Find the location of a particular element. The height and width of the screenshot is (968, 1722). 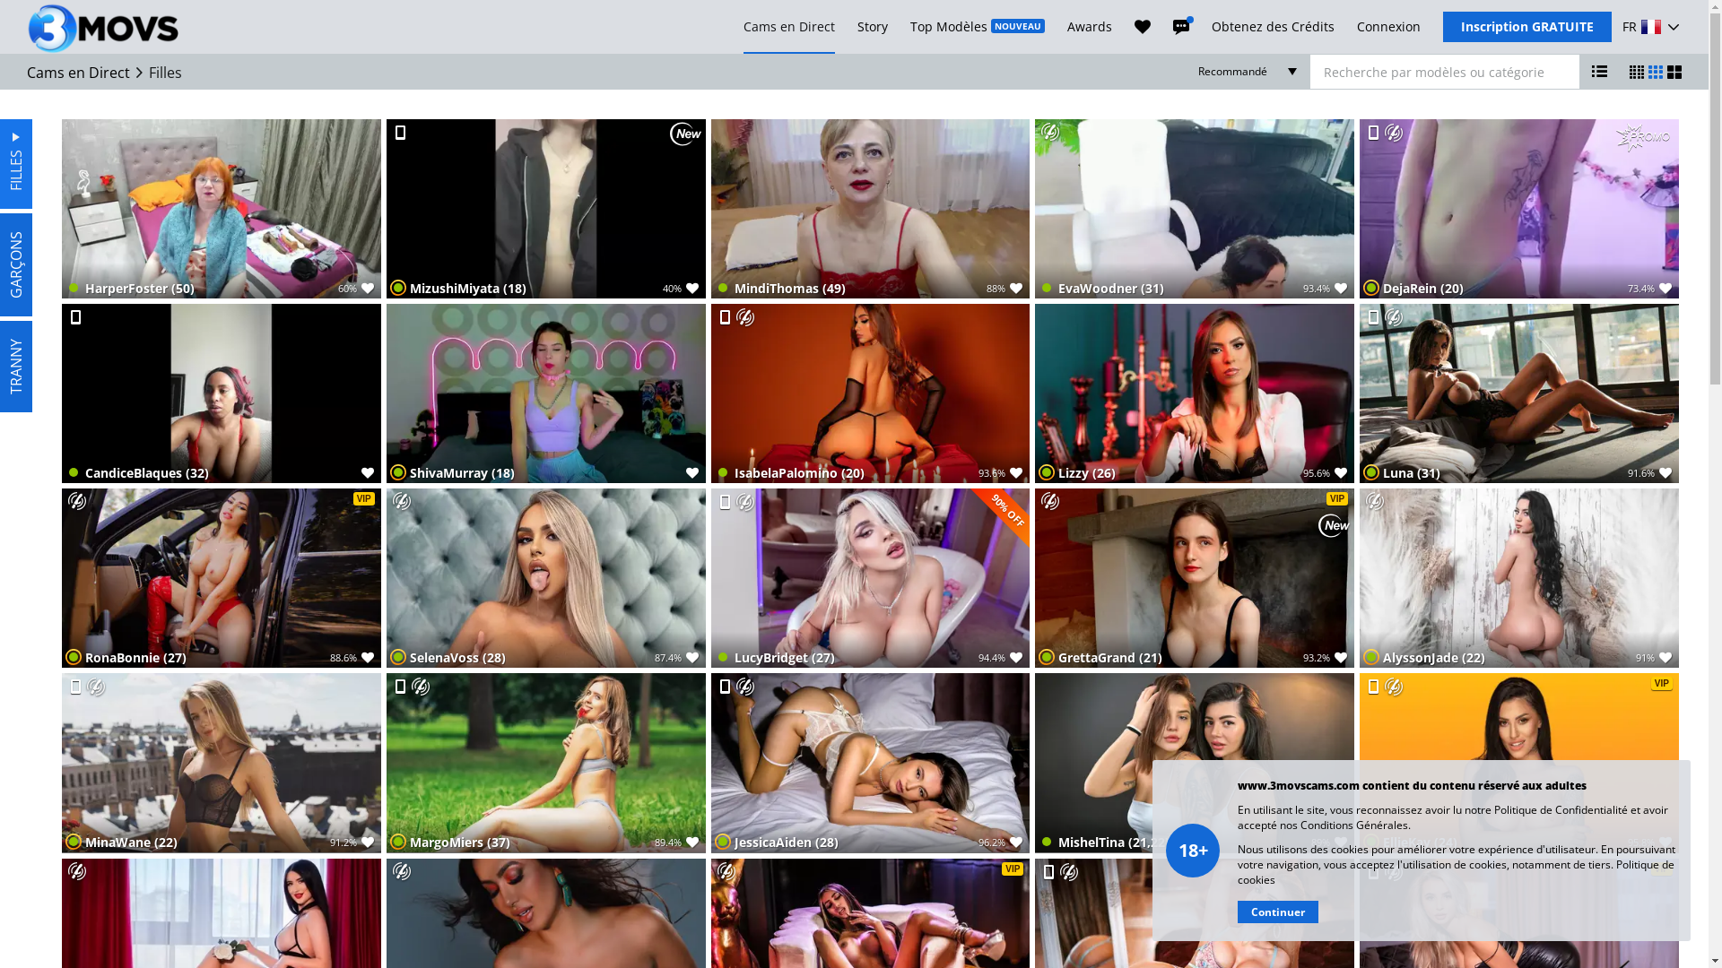

'MishelTina (21,22) is located at coordinates (1195, 763).